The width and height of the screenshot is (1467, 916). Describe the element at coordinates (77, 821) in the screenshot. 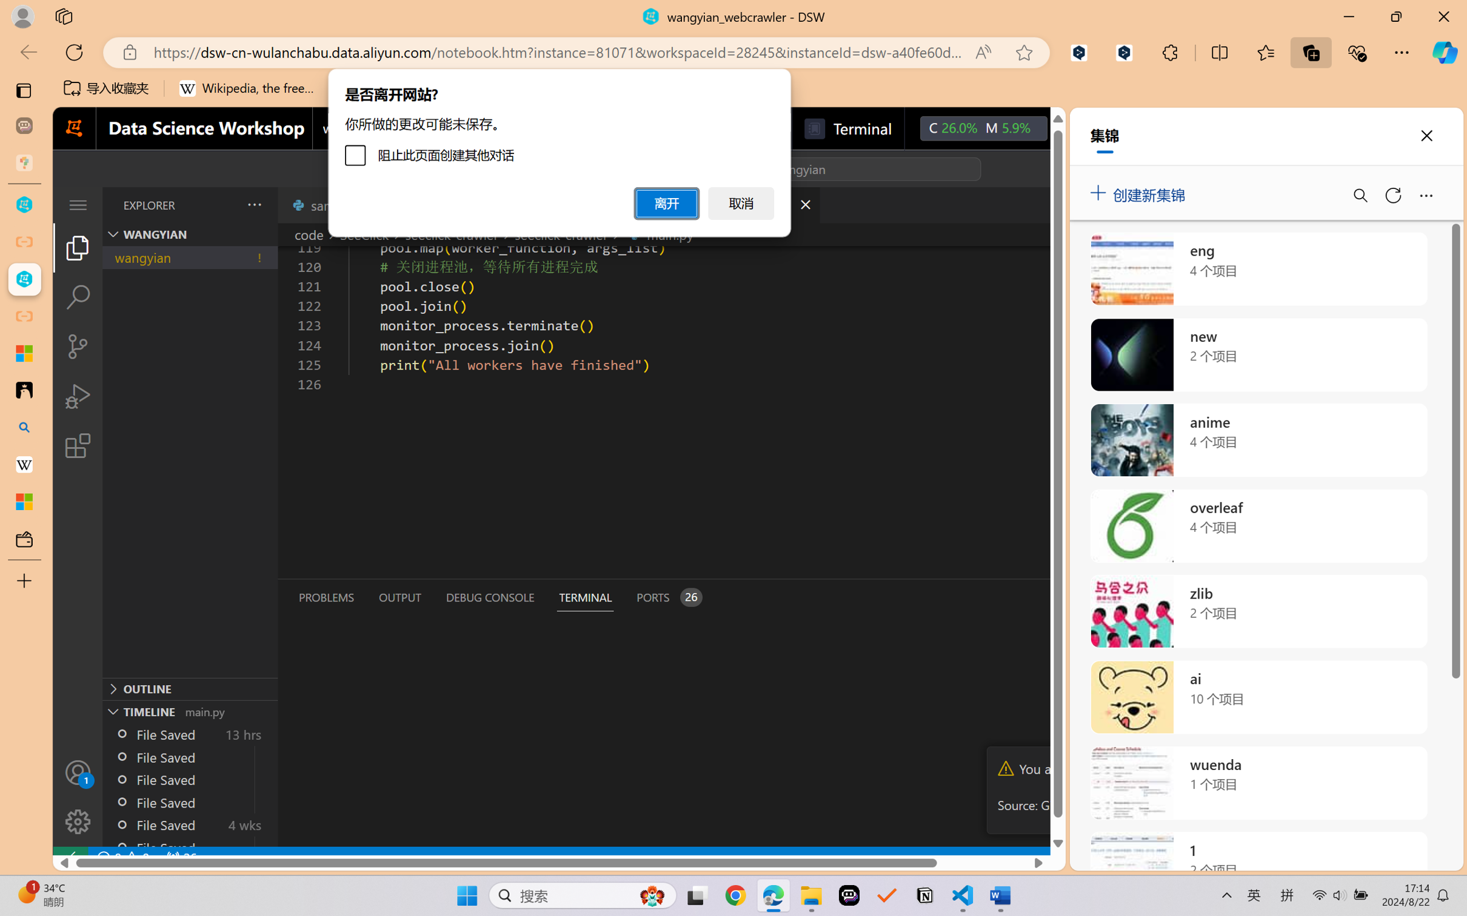

I see `'Manage'` at that location.